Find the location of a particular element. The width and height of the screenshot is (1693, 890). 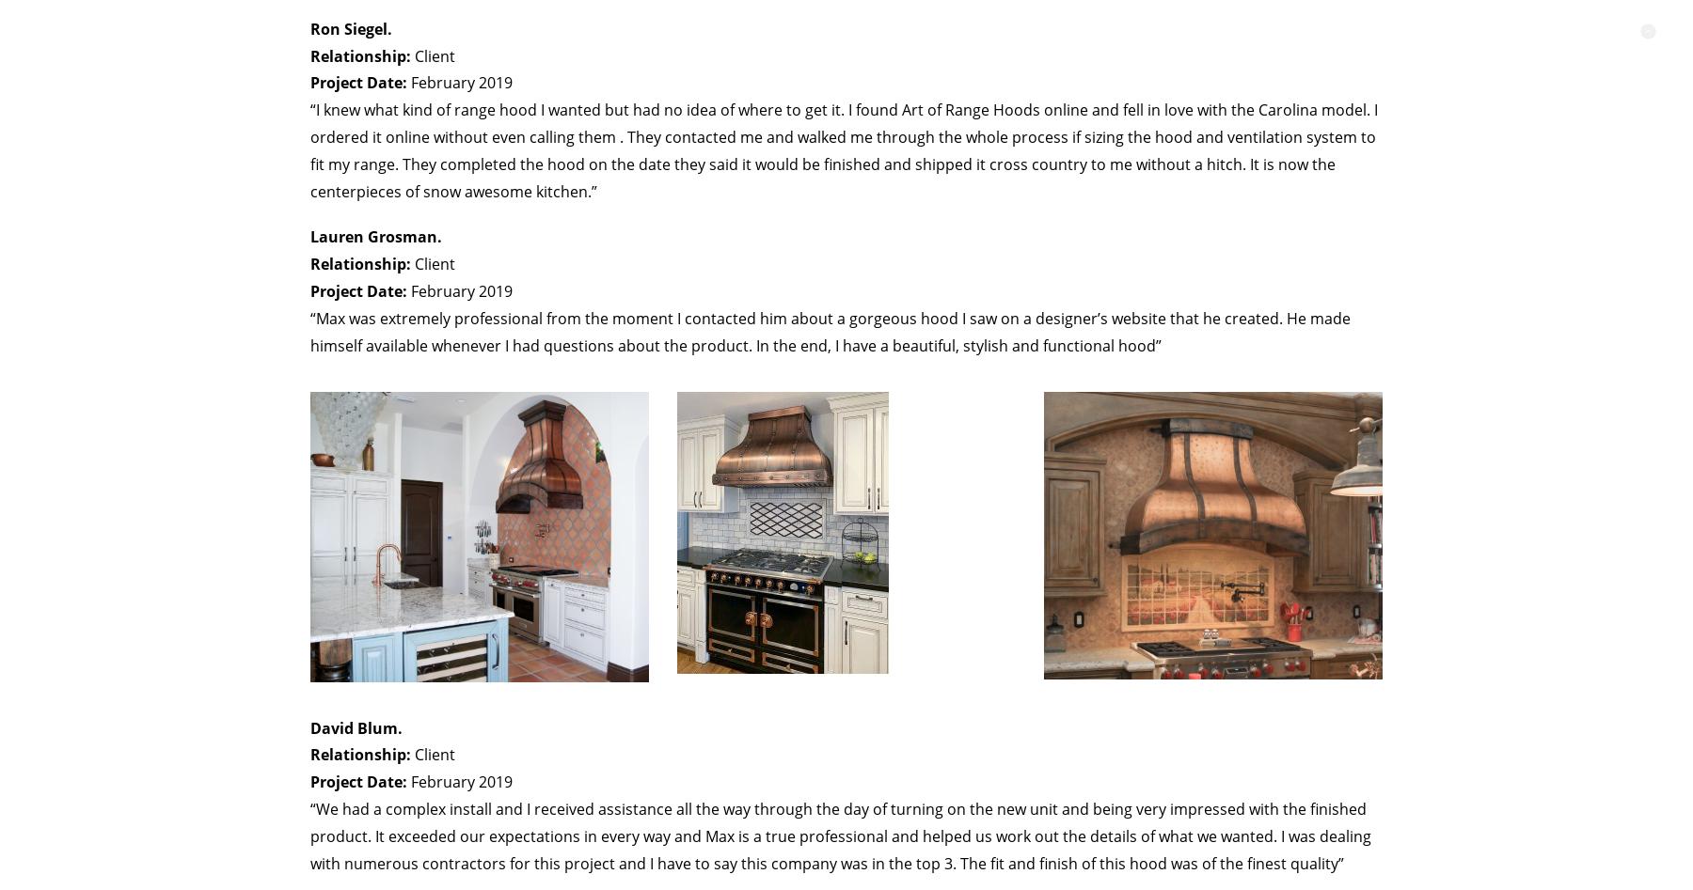

'“We had a complex install and I received assistance all the way through the day of turning on the new unit and being very impressed with the finished product. It exceeded our expectations in every way and Max is a true professional and helped us work out the details of what we wanted. I was dealing with numerous contractors for this project and I have to say this company was in the top 3. The fit and finish of this hood was of the finest quality”' is located at coordinates (841, 835).